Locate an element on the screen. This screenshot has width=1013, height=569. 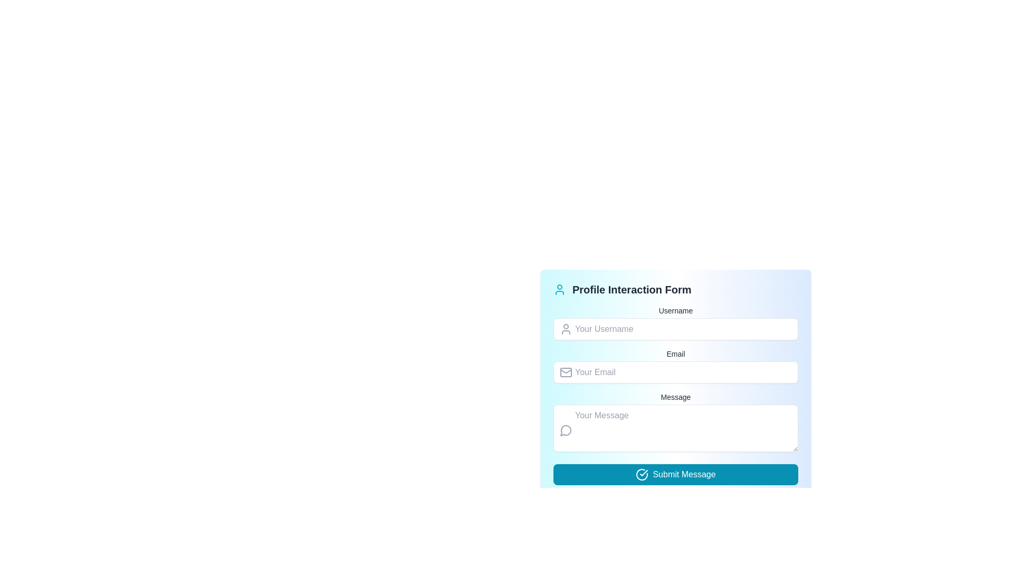
the SVG checkmark icon inside the 'Submit Message' button, positioned to the left of the text label 'Submit Message' is located at coordinates (642, 475).